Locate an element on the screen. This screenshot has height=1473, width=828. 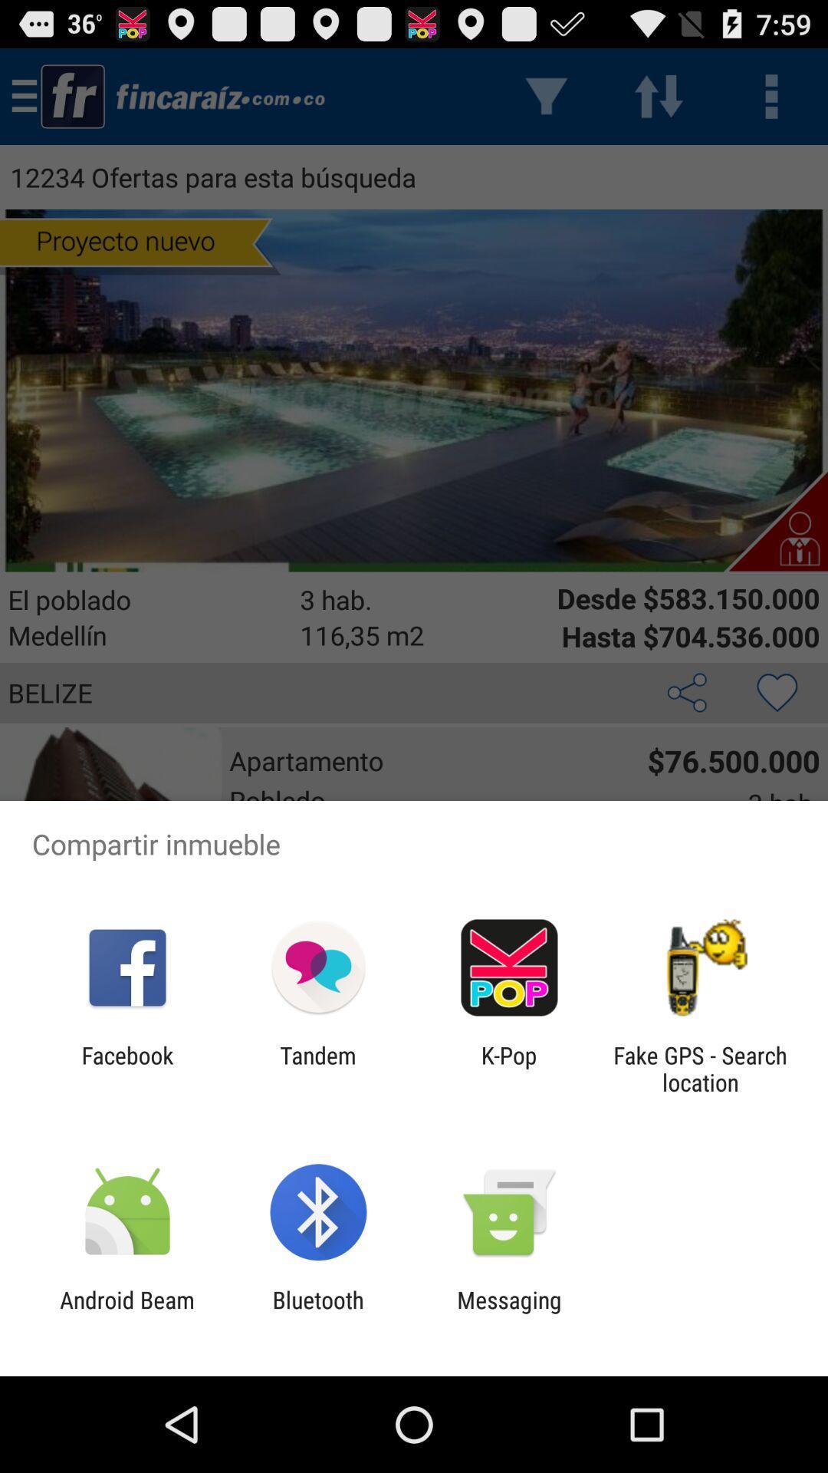
tandem app is located at coordinates (317, 1068).